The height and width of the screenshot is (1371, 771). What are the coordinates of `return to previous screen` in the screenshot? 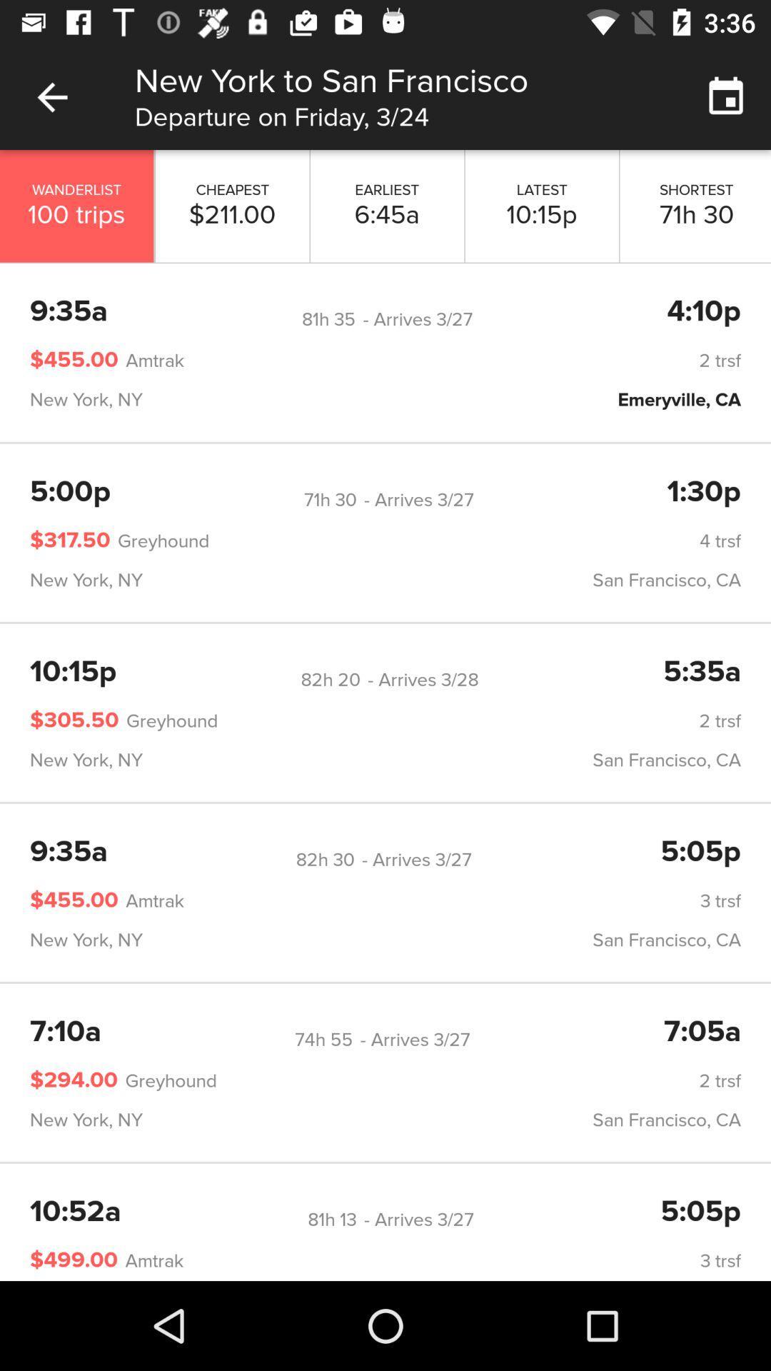 It's located at (51, 96).